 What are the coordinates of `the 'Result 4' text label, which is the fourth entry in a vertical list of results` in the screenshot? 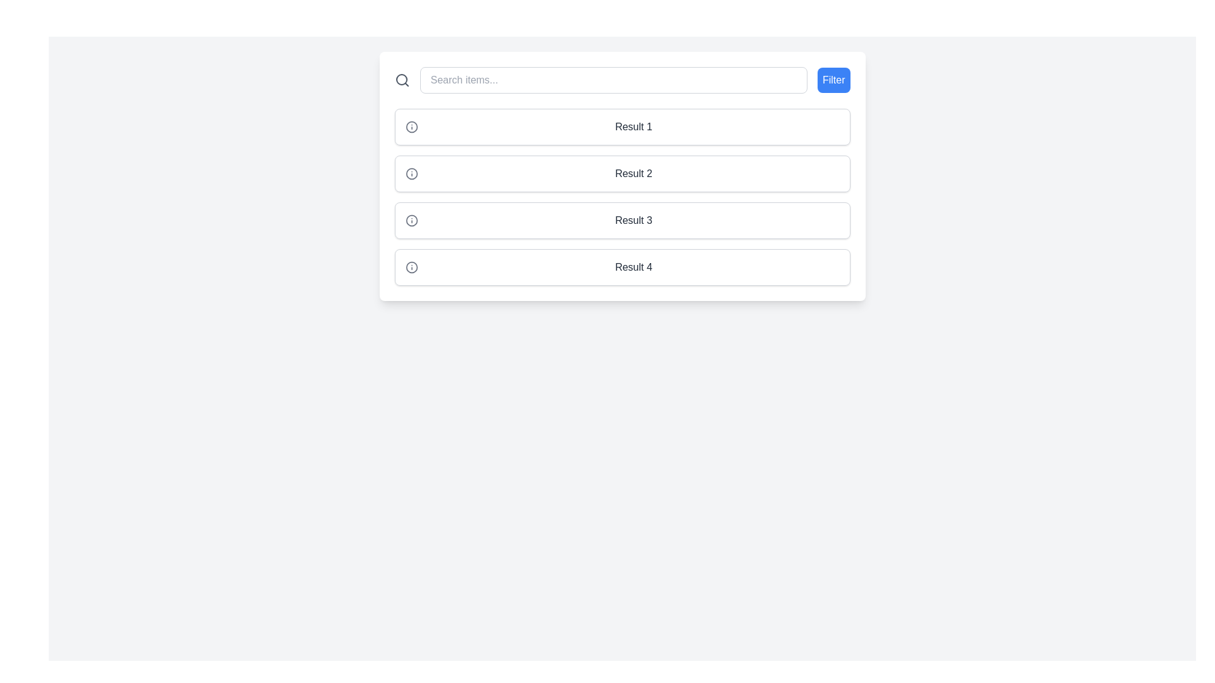 It's located at (633, 267).